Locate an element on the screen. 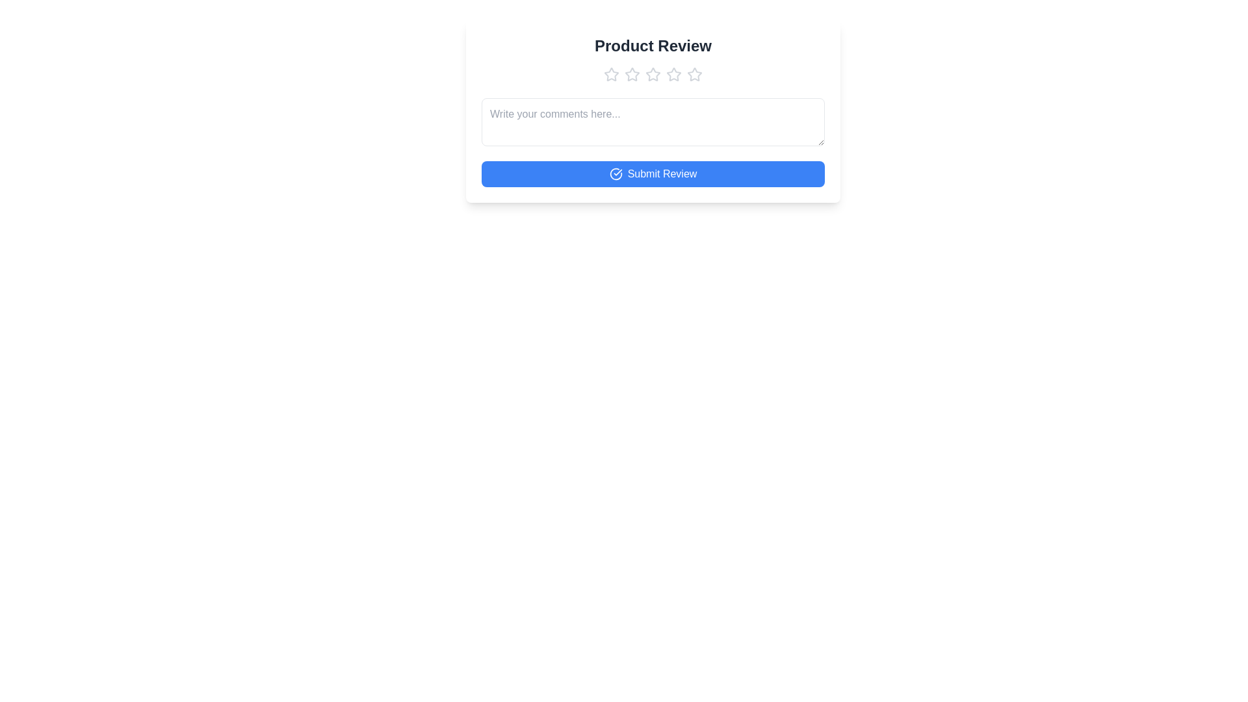 This screenshot has height=702, width=1248. the 'Submit Review' button to submit the review is located at coordinates (653, 173).